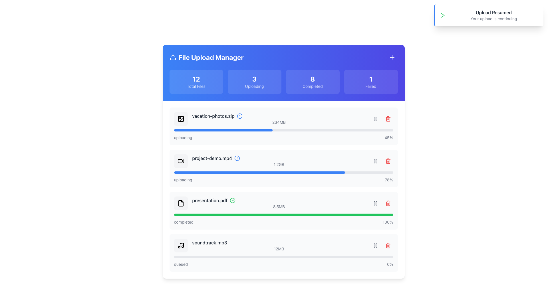 The image size is (548, 308). Describe the element at coordinates (183, 137) in the screenshot. I see `the text label displaying 'uploading' located under the progress bar of the file upload manager for the file 'vacation-photos.zip'` at that location.